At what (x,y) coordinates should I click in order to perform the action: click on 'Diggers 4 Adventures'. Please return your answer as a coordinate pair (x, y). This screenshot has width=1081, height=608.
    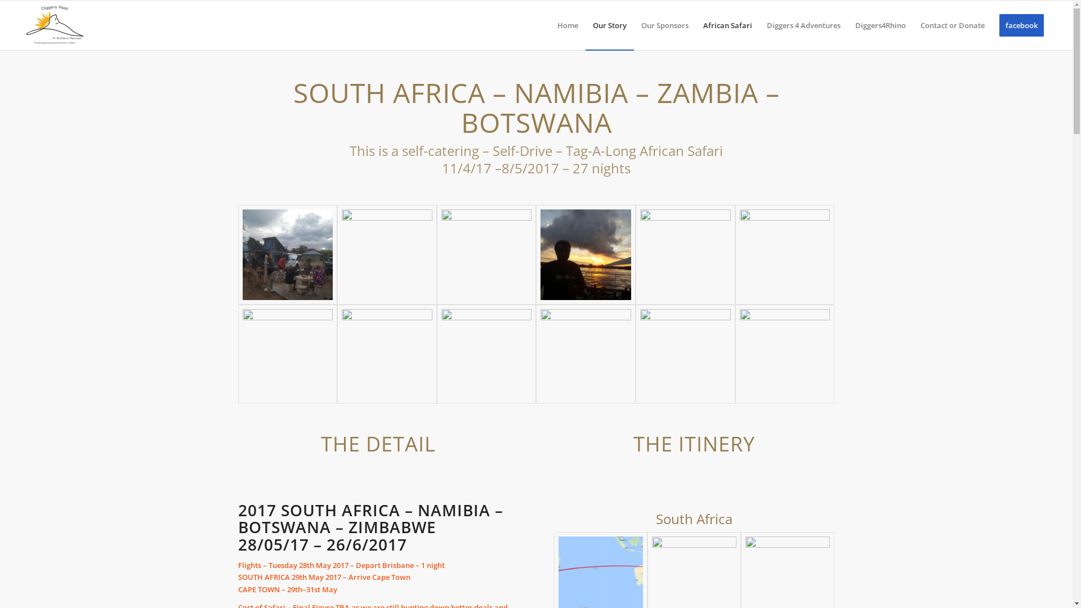
    Looking at the image, I should click on (759, 25).